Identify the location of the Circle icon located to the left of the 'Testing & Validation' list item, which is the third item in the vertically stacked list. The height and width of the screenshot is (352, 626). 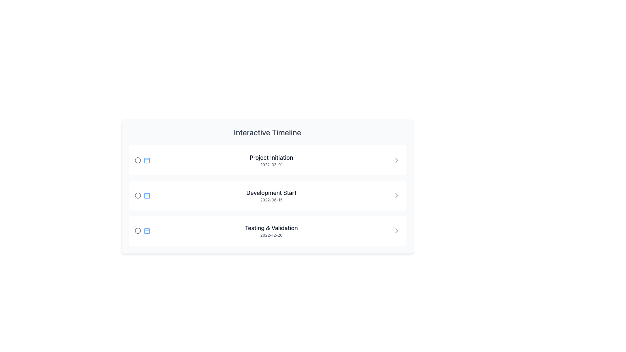
(137, 230).